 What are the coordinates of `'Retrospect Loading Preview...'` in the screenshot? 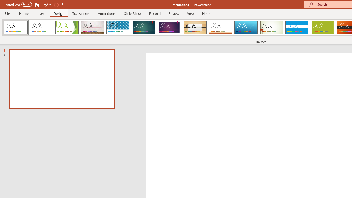 It's located at (220, 28).